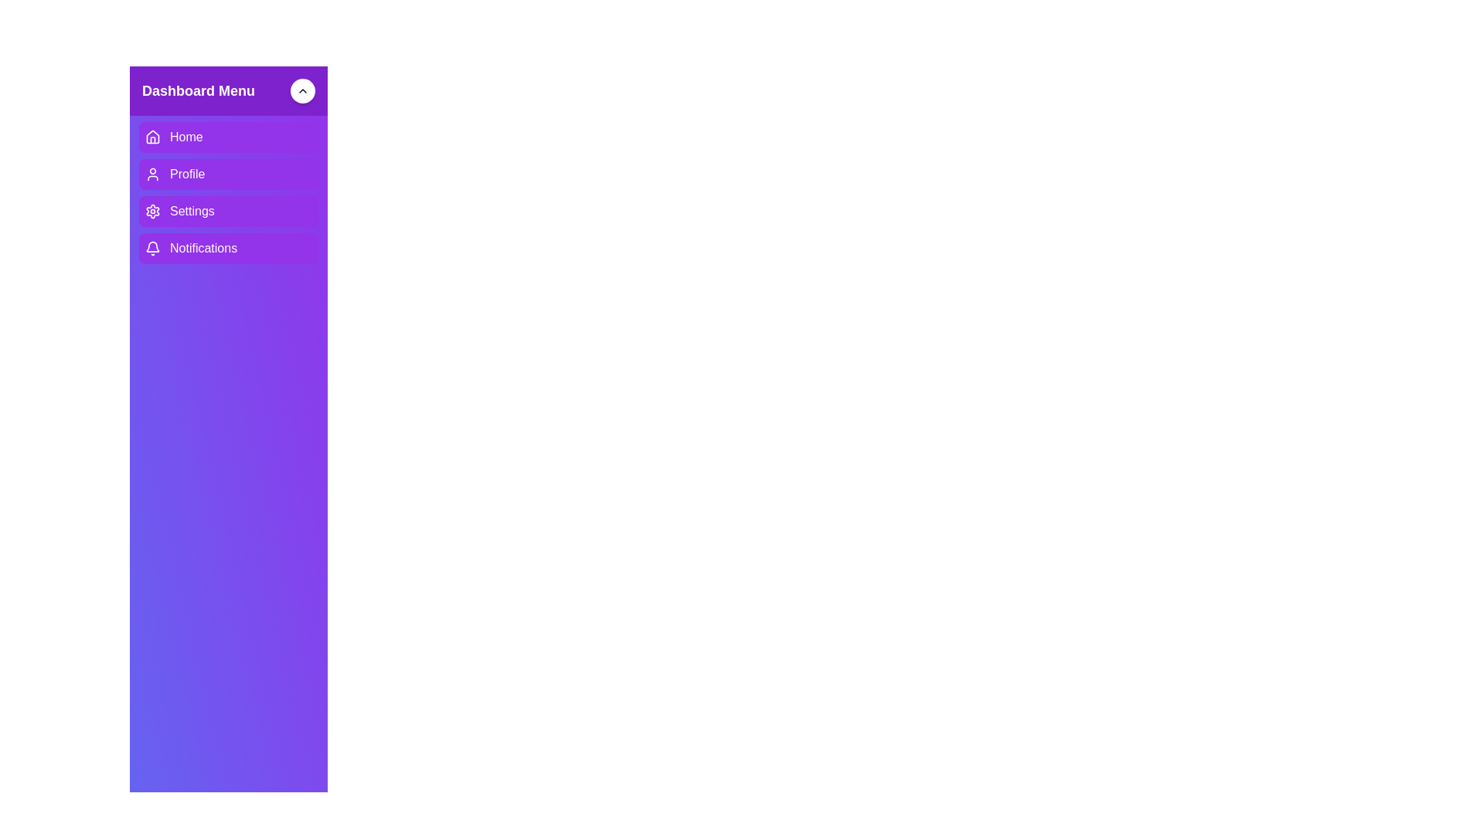 The image size is (1484, 834). What do you see at coordinates (152, 136) in the screenshot?
I see `the house-shaped icon with a purple background located on the left side of the 'Home' menu entry in the vertical navigation panel under 'Dashboard Menu'` at bounding box center [152, 136].